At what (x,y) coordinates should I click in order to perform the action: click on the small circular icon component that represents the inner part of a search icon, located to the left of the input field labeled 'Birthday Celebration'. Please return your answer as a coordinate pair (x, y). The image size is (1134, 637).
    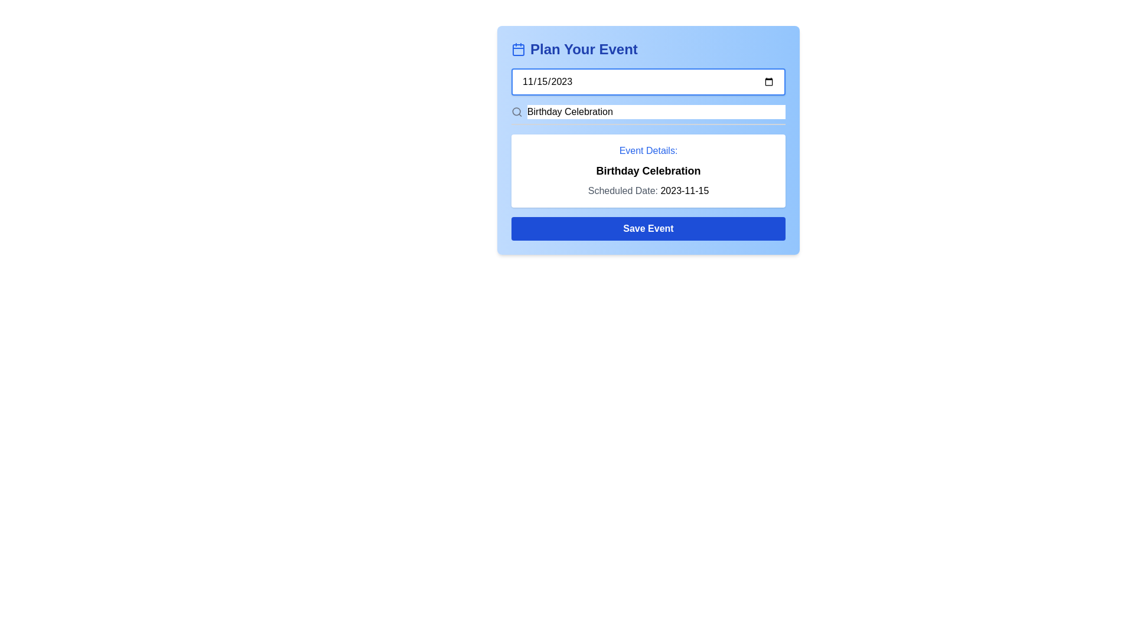
    Looking at the image, I should click on (516, 111).